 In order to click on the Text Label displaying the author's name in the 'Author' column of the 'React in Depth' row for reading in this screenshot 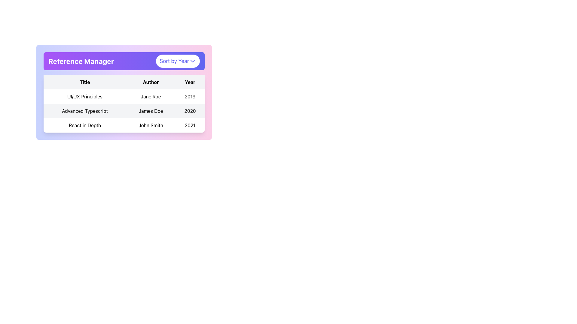, I will do `click(151, 125)`.